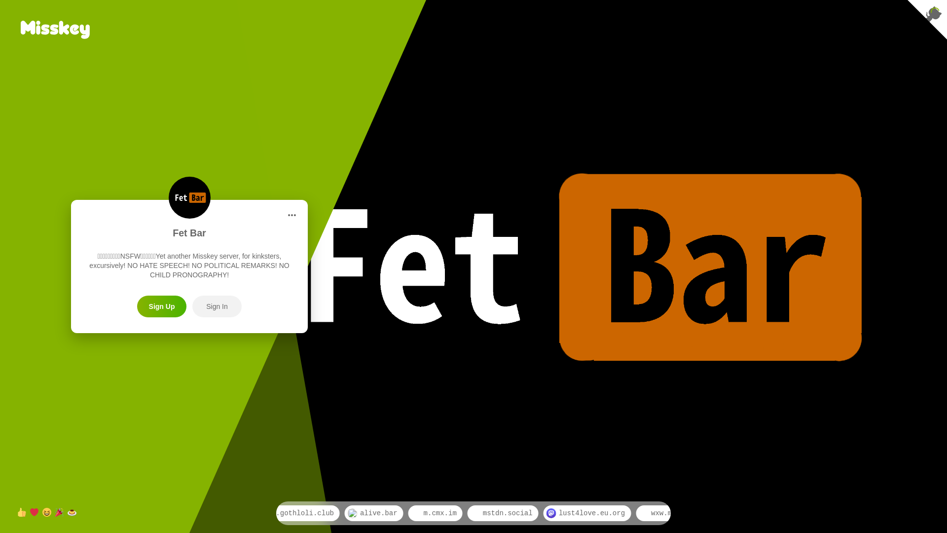 This screenshot has height=533, width=947. What do you see at coordinates (402, 513) in the screenshot?
I see `'alive.bar'` at bounding box center [402, 513].